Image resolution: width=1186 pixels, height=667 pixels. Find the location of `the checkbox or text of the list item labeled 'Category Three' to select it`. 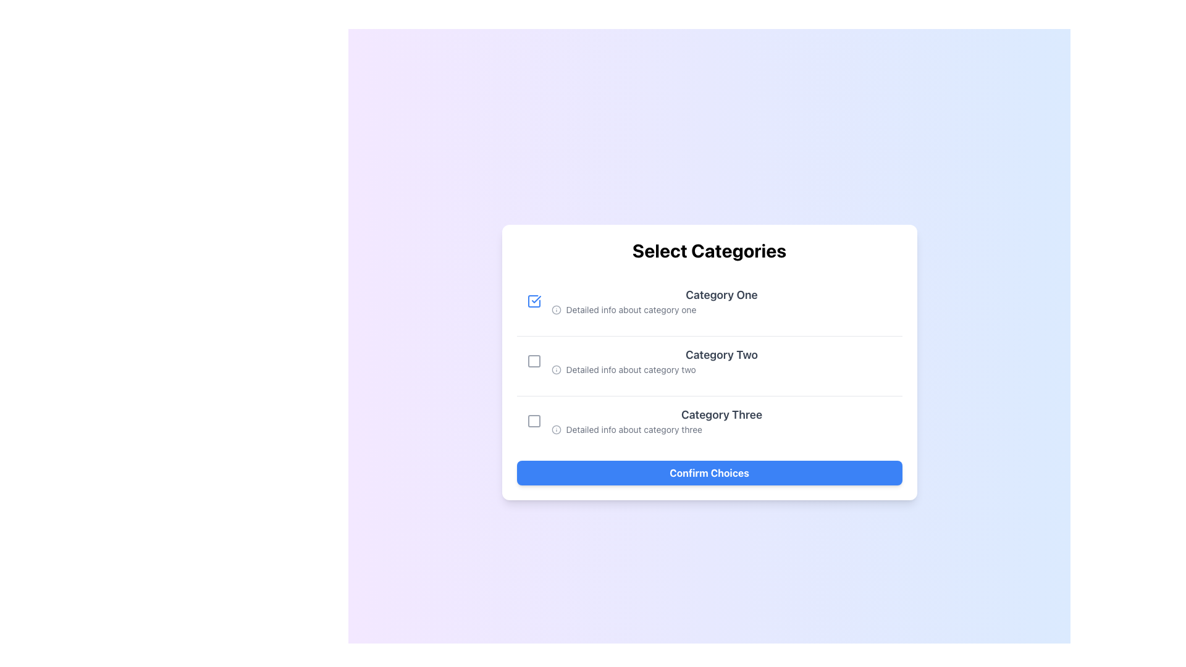

the checkbox or text of the list item labeled 'Category Three' to select it is located at coordinates (709, 420).